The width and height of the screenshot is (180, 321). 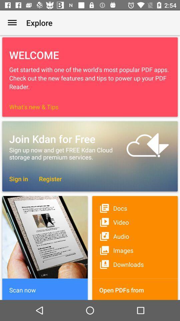 I want to click on item above video item, so click(x=135, y=208).